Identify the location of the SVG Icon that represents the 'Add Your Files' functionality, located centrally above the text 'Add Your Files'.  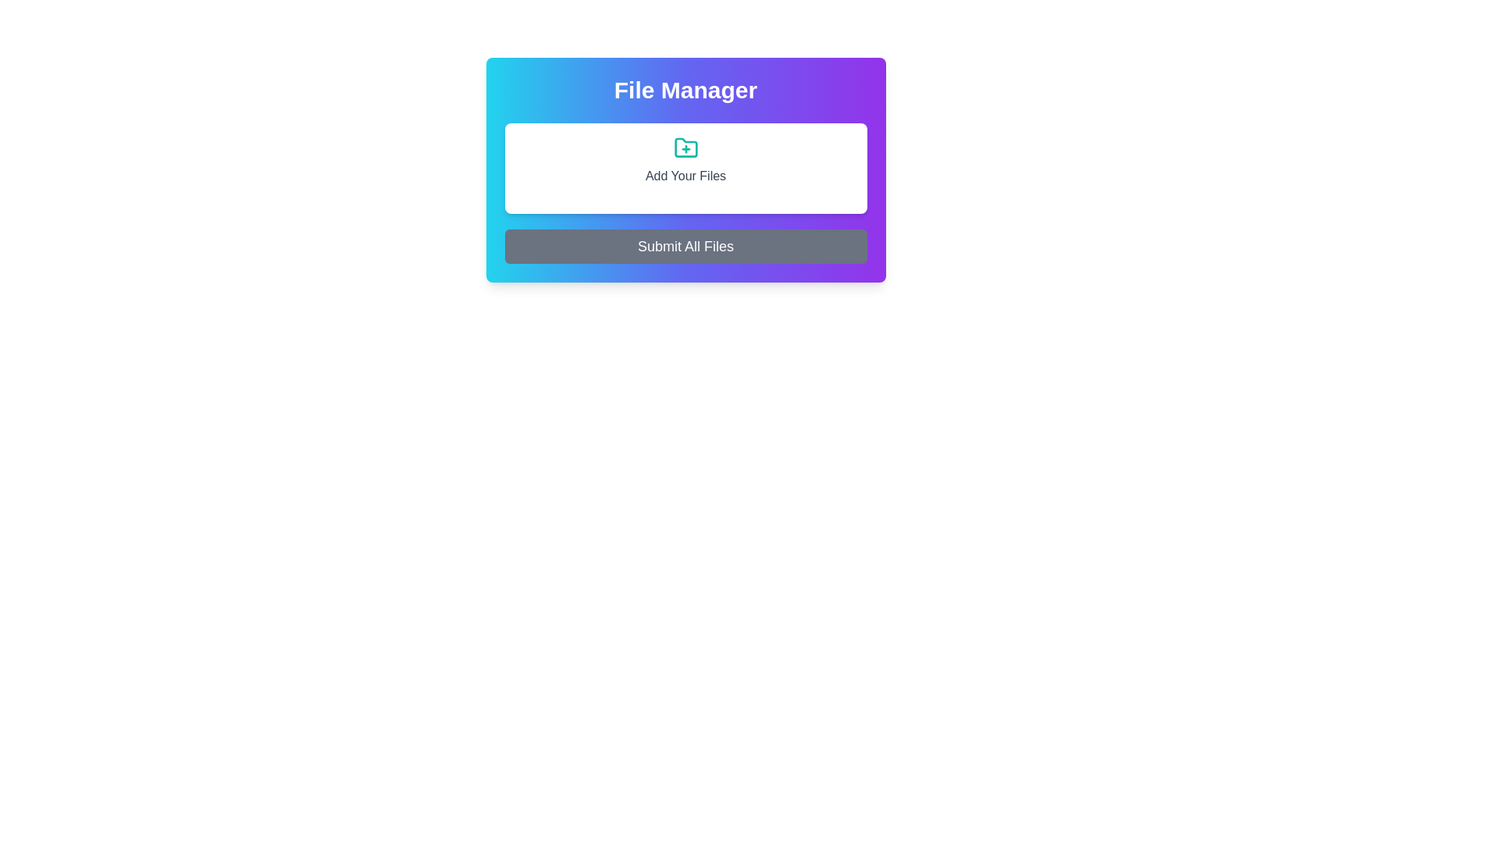
(685, 148).